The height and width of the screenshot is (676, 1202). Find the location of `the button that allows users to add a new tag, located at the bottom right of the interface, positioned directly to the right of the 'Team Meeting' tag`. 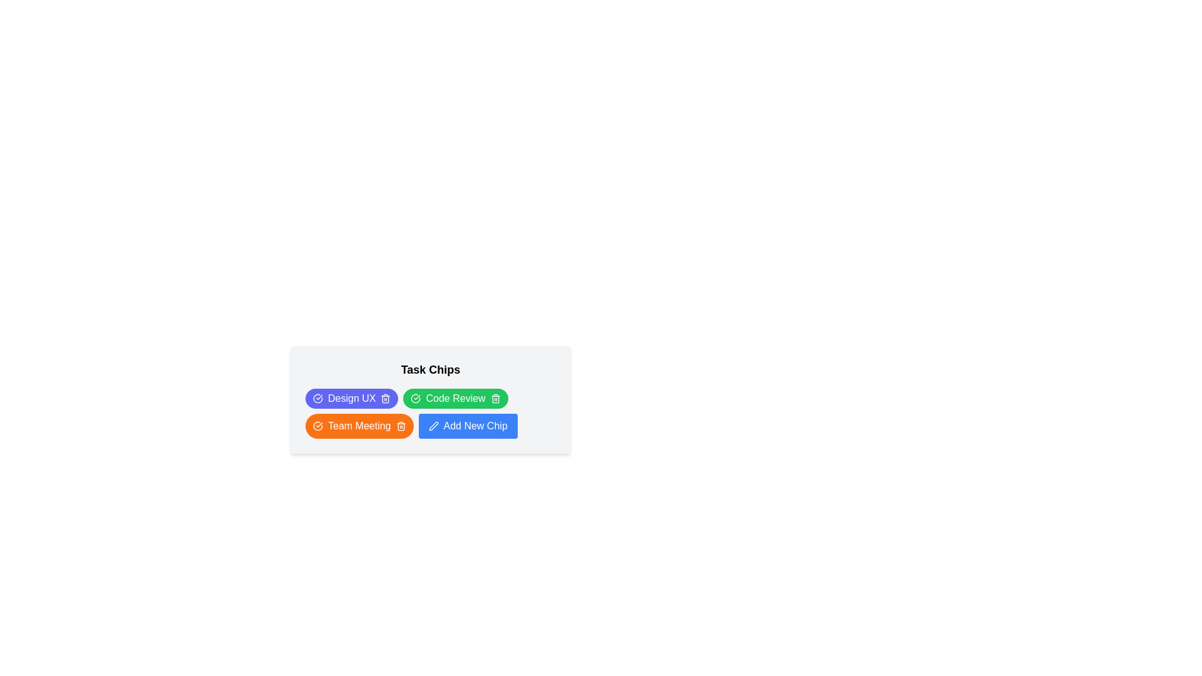

the button that allows users to add a new tag, located at the bottom right of the interface, positioned directly to the right of the 'Team Meeting' tag is located at coordinates (467, 426).